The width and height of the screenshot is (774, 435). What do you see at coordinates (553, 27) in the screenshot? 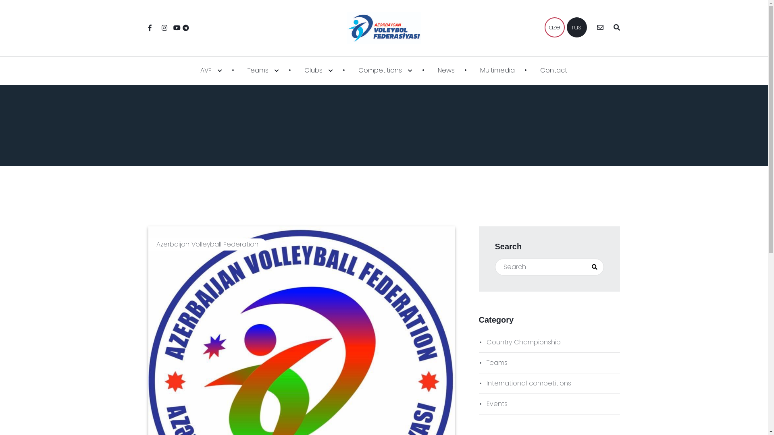
I see `'aze'` at bounding box center [553, 27].